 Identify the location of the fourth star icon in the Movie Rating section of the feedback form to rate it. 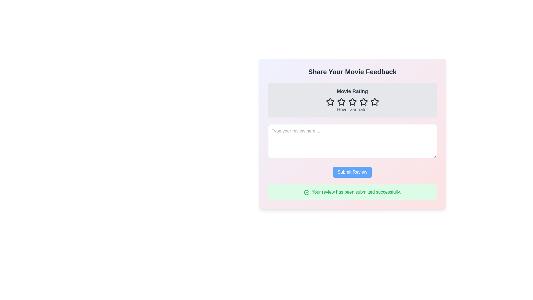
(352, 102).